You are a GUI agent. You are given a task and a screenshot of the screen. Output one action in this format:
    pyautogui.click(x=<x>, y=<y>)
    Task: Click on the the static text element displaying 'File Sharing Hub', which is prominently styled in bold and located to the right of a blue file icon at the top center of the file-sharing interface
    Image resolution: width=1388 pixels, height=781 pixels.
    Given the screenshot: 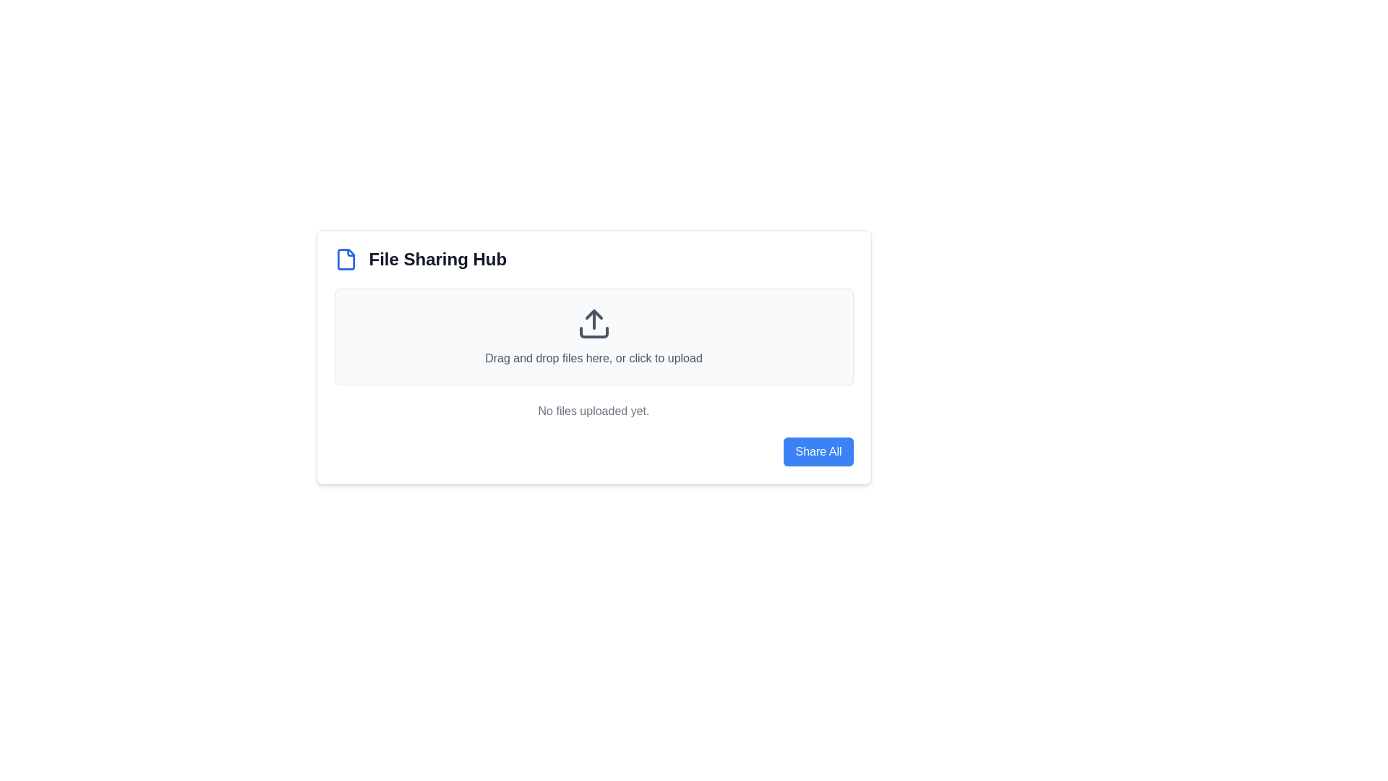 What is the action you would take?
    pyautogui.click(x=437, y=258)
    